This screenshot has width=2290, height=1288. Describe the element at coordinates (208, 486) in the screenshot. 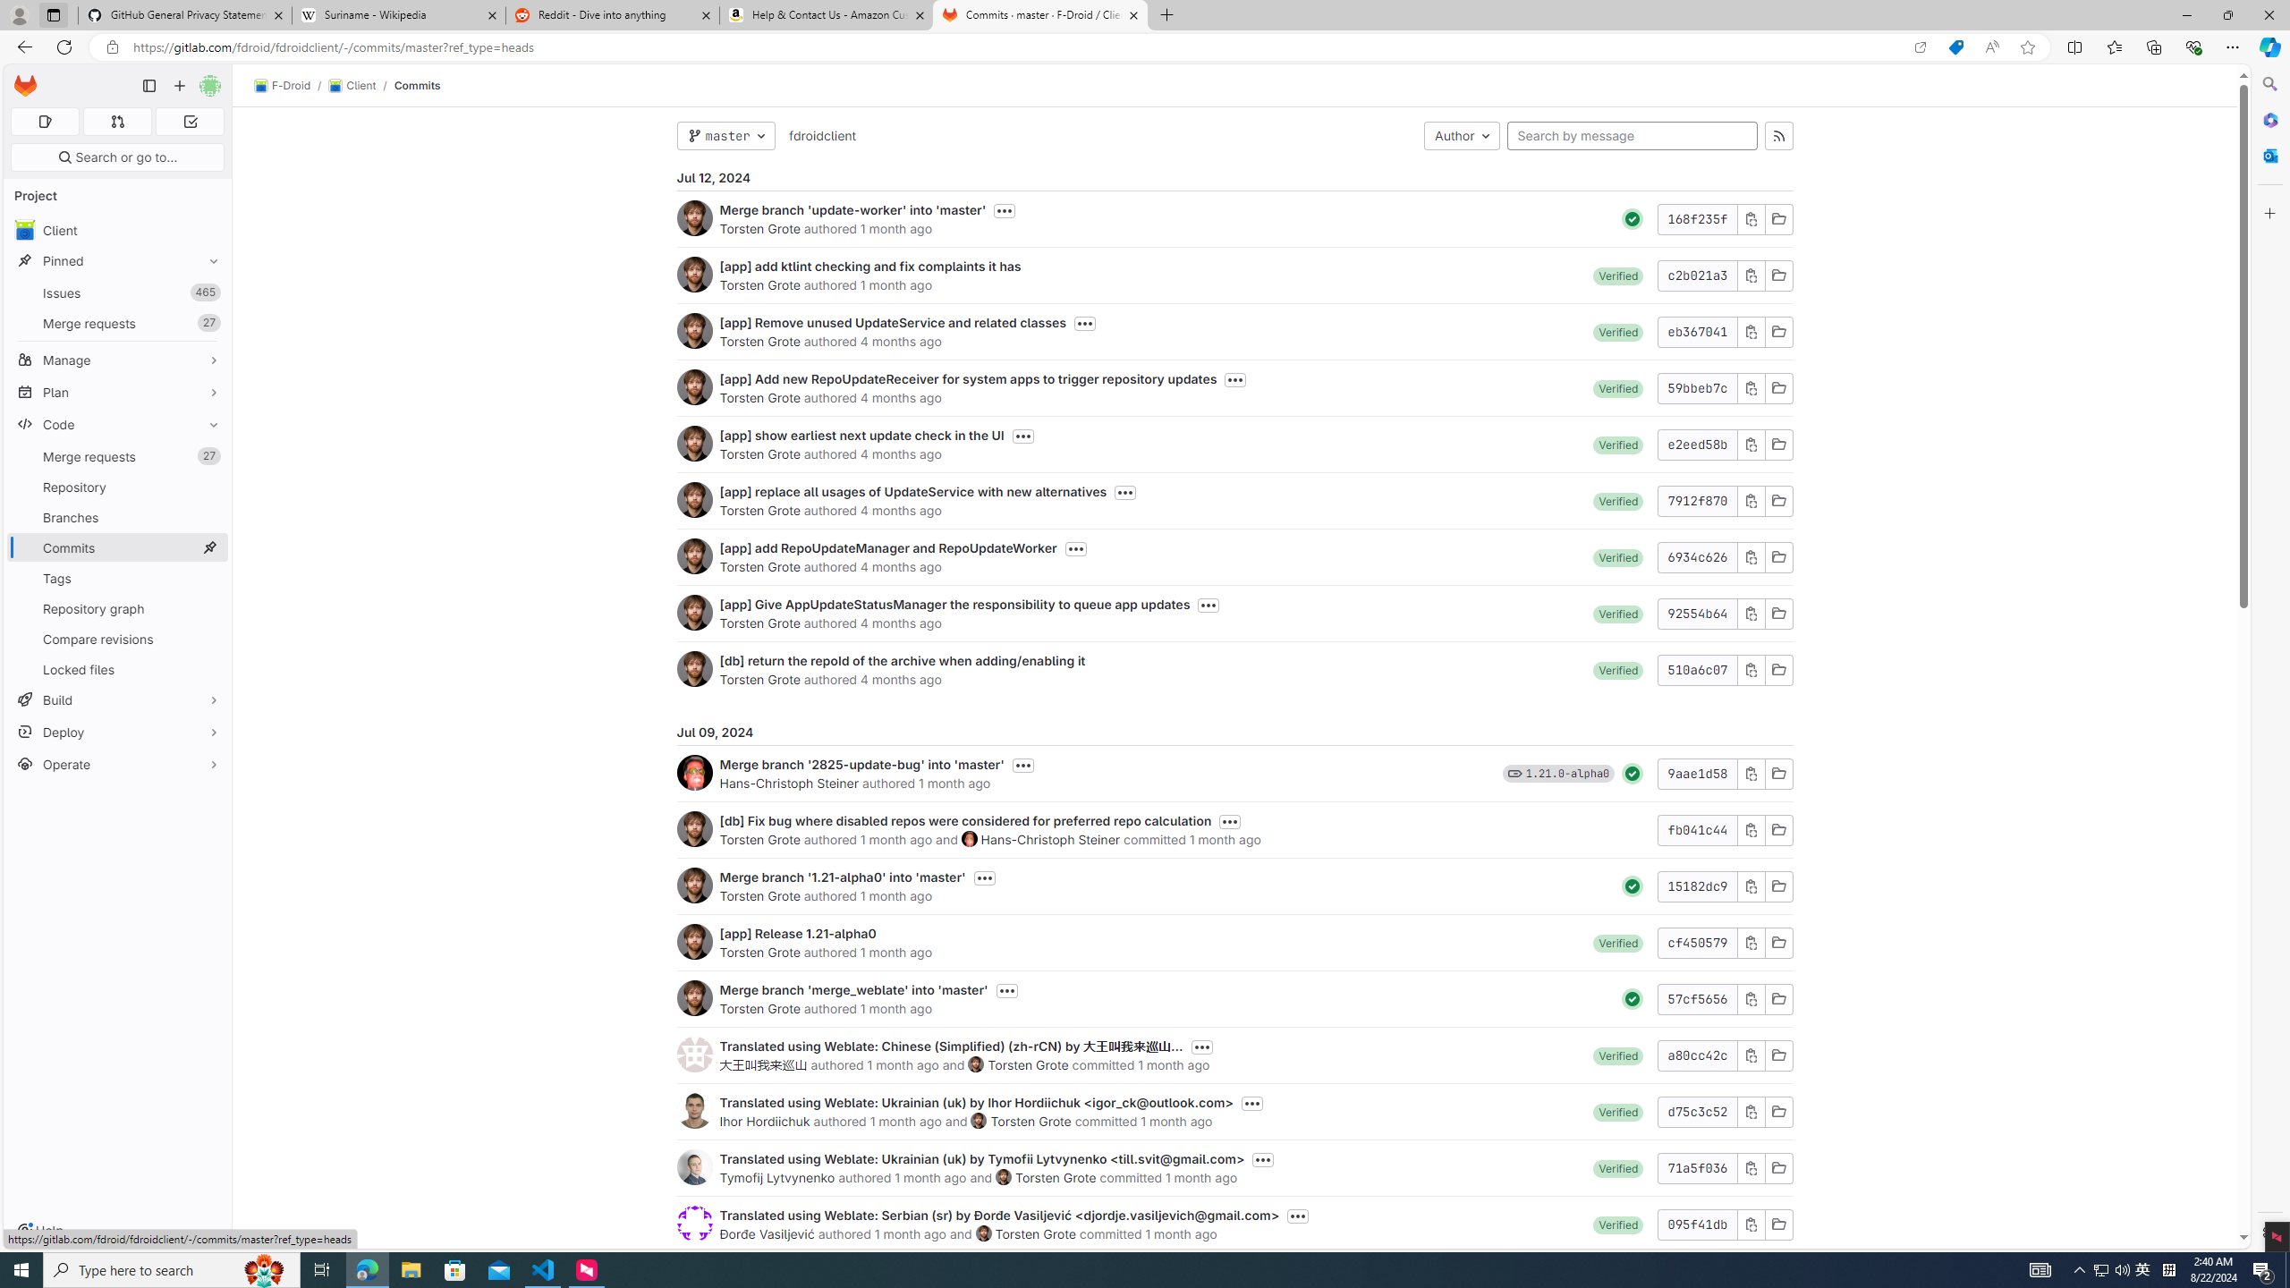

I see `'Pin Repository'` at that location.